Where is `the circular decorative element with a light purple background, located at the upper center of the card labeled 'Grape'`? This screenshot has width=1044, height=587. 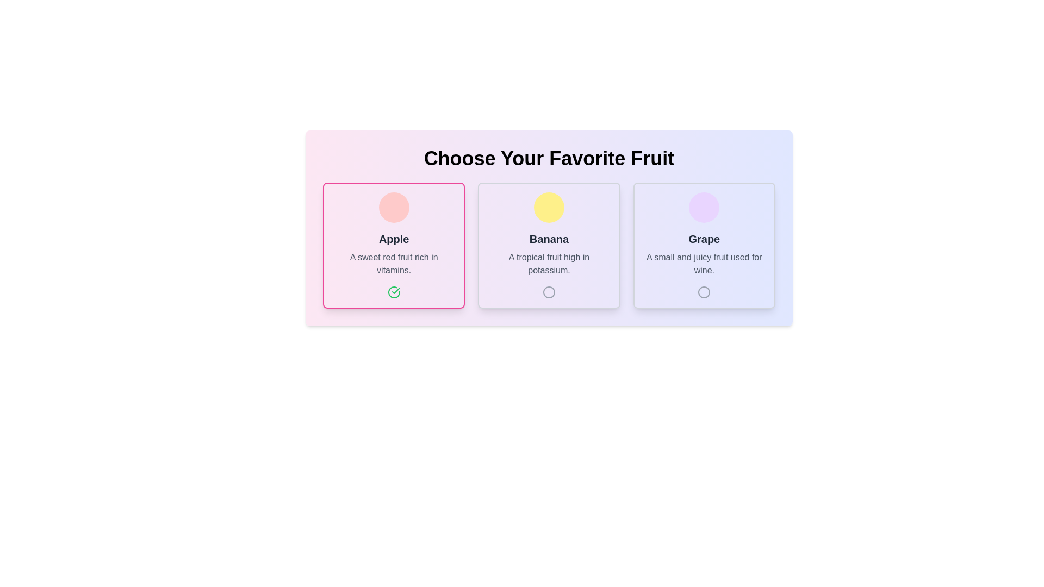 the circular decorative element with a light purple background, located at the upper center of the card labeled 'Grape' is located at coordinates (704, 207).